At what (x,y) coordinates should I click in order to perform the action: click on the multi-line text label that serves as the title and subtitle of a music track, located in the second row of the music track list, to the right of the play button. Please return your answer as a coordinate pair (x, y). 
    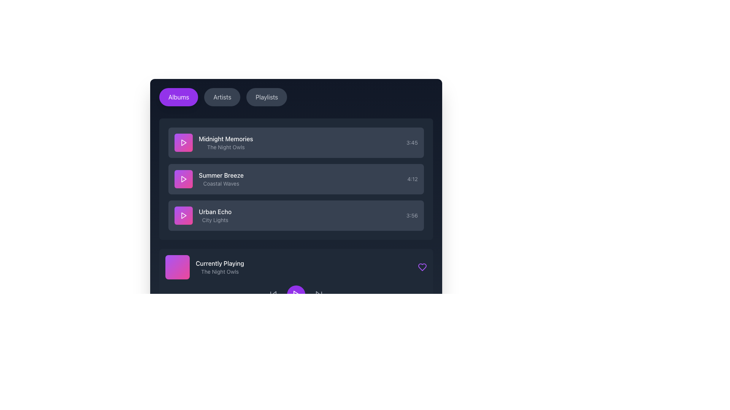
    Looking at the image, I should click on (221, 179).